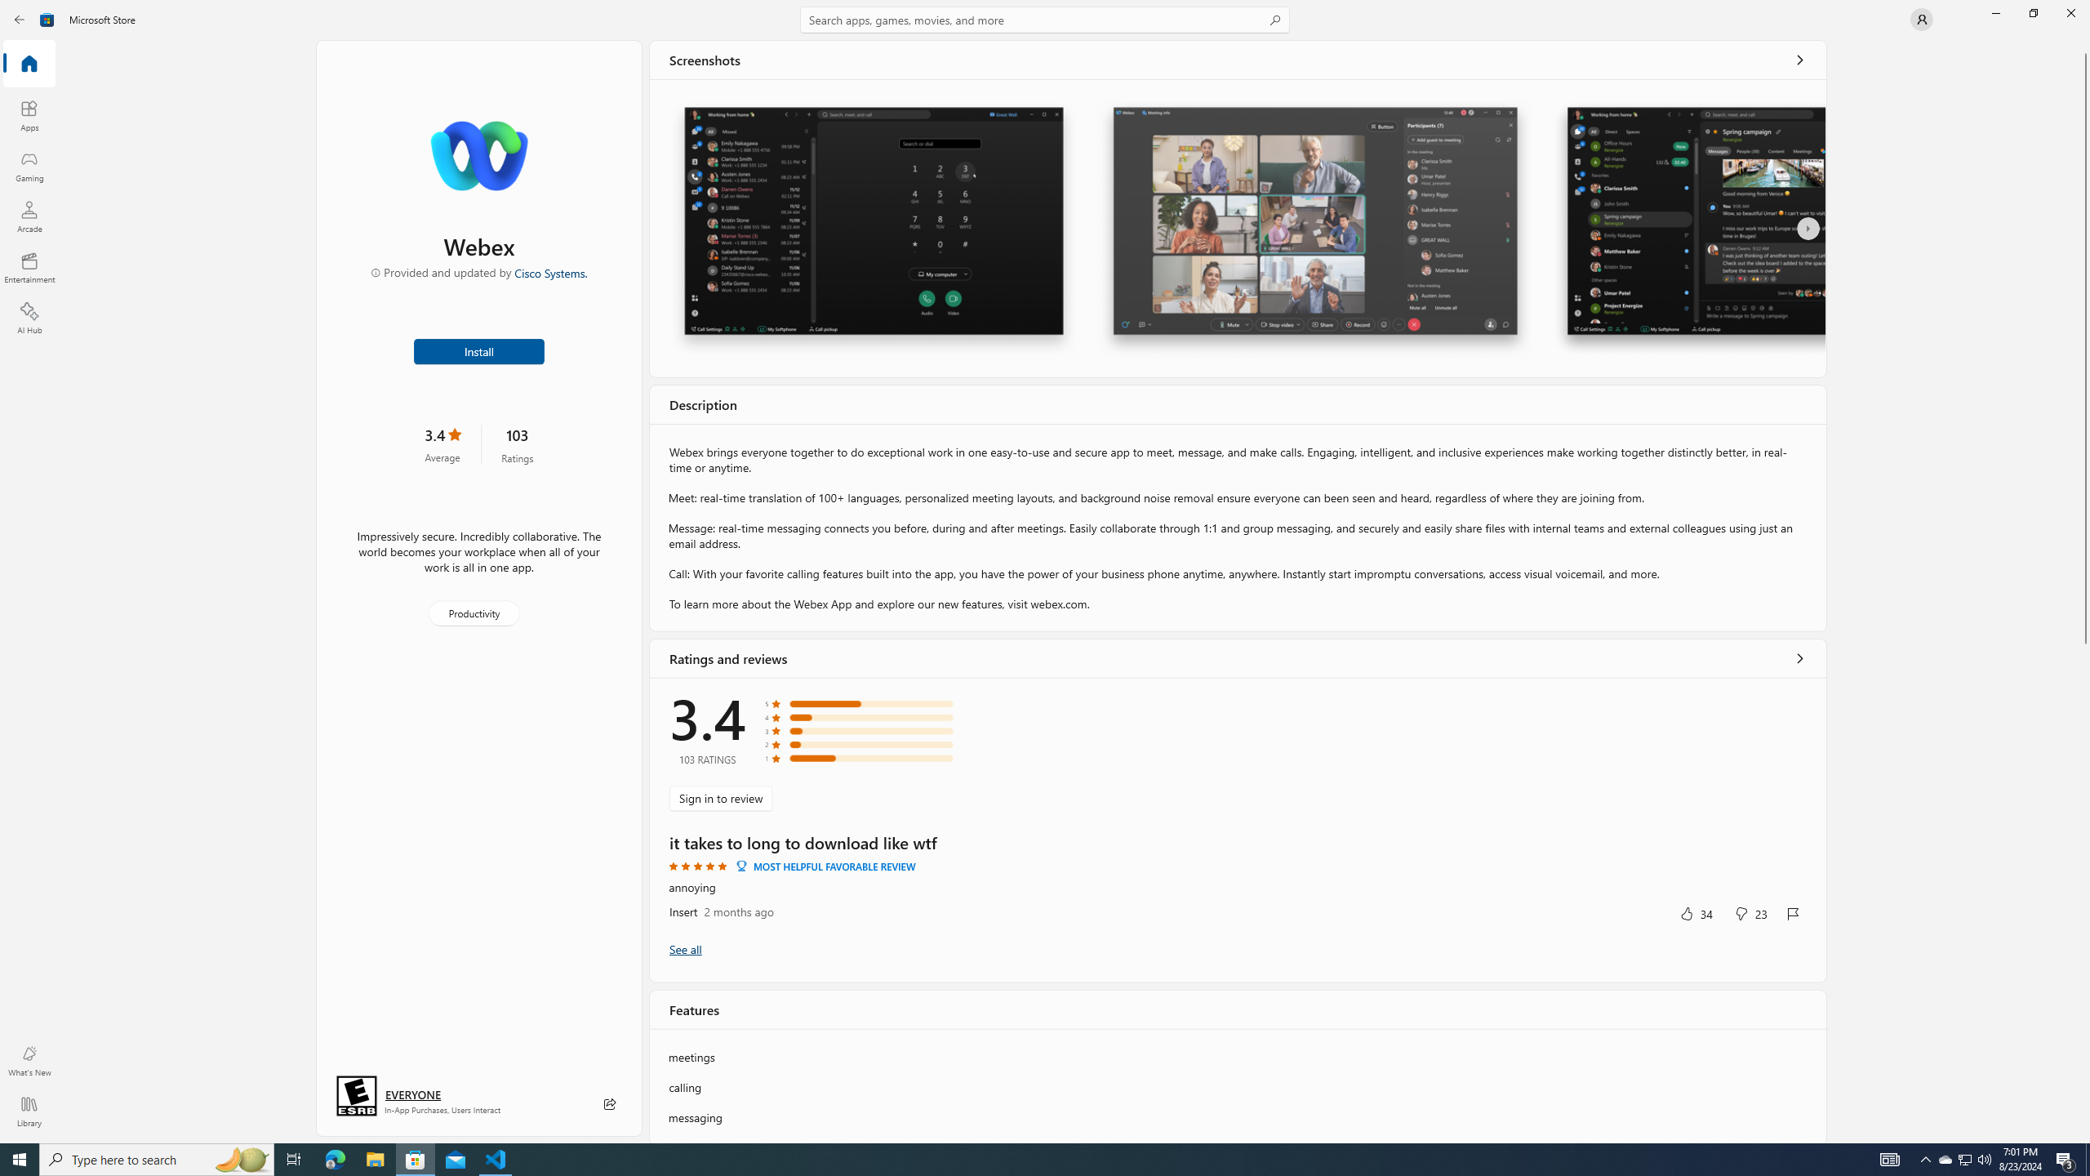 The width and height of the screenshot is (2090, 1176). I want to click on 'Apps', so click(28, 115).